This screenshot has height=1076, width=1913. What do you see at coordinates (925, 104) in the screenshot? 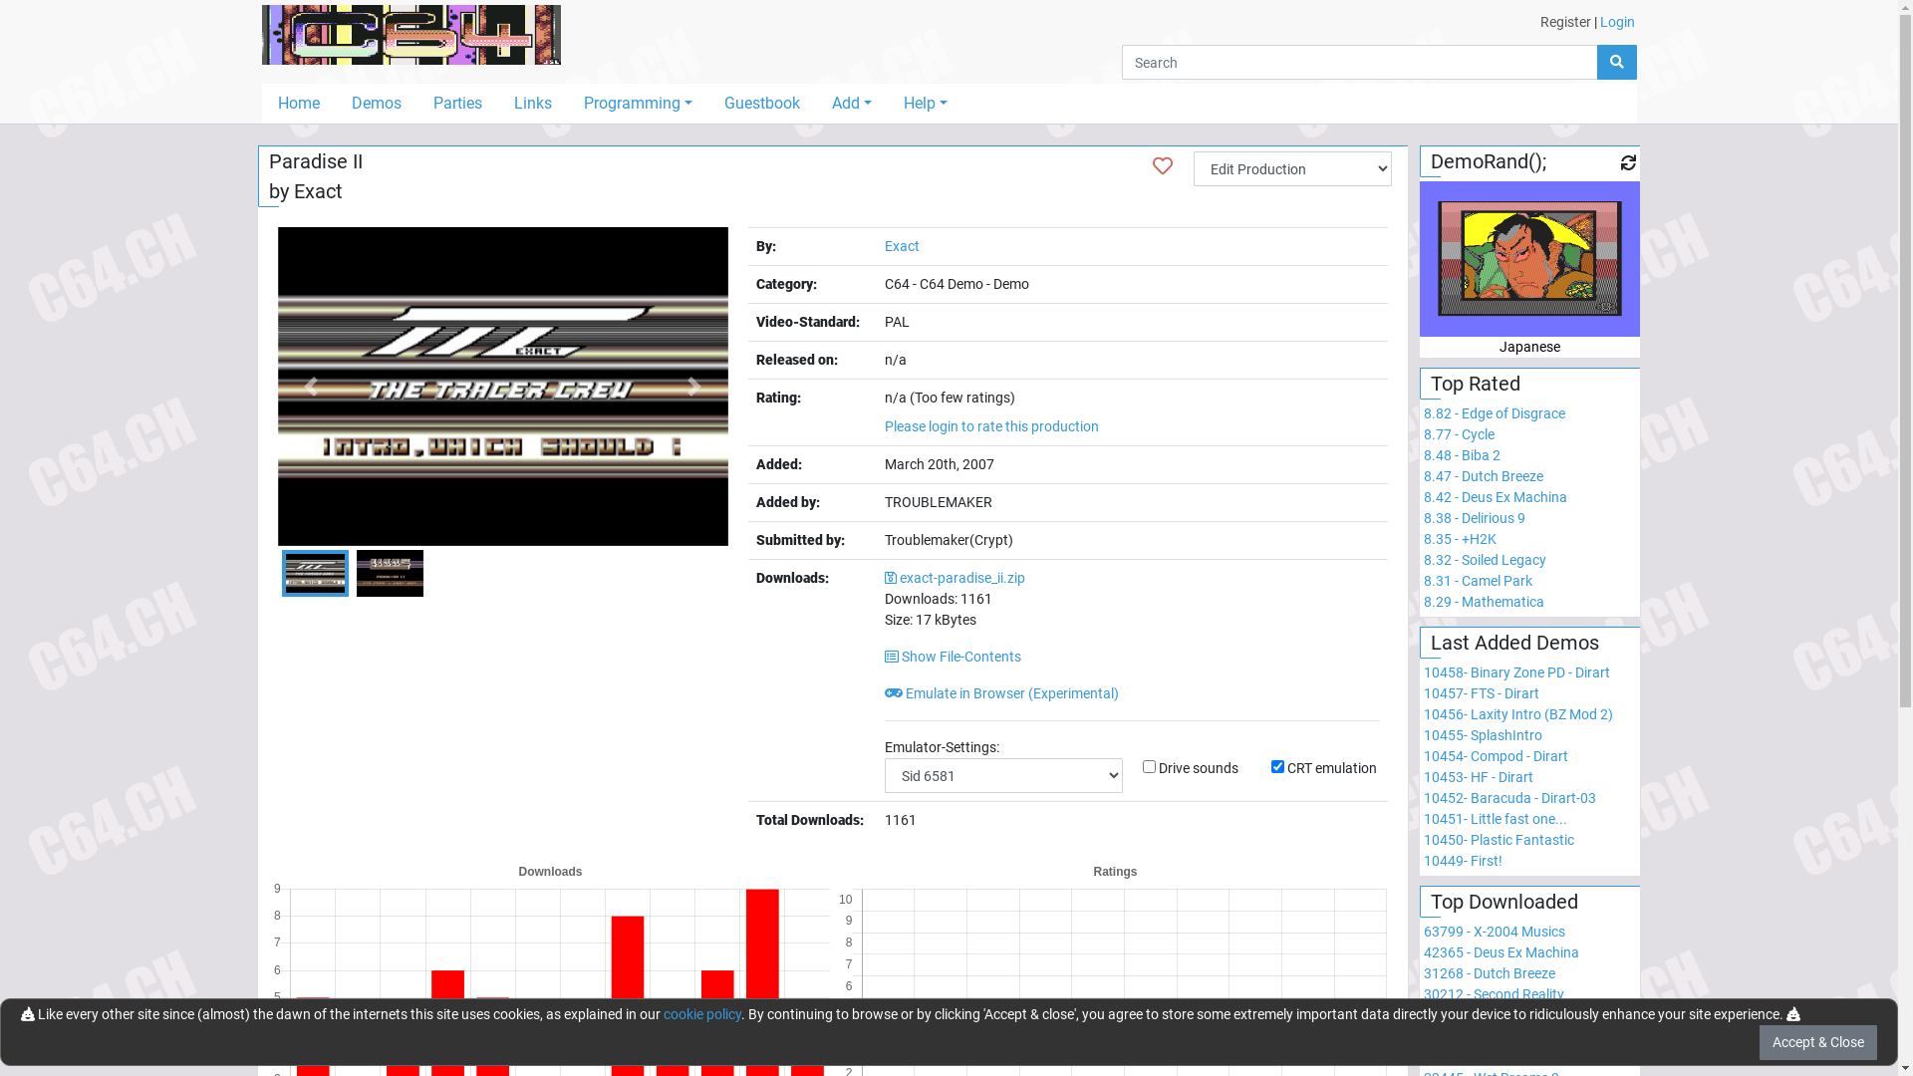
I see `'Help'` at bounding box center [925, 104].